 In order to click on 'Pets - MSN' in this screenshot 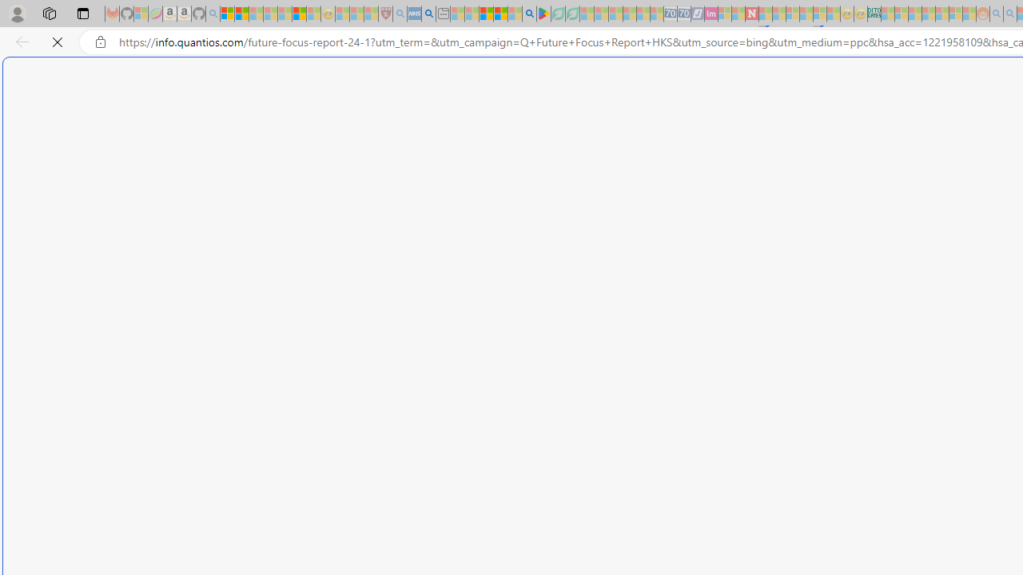, I will do `click(500, 14)`.